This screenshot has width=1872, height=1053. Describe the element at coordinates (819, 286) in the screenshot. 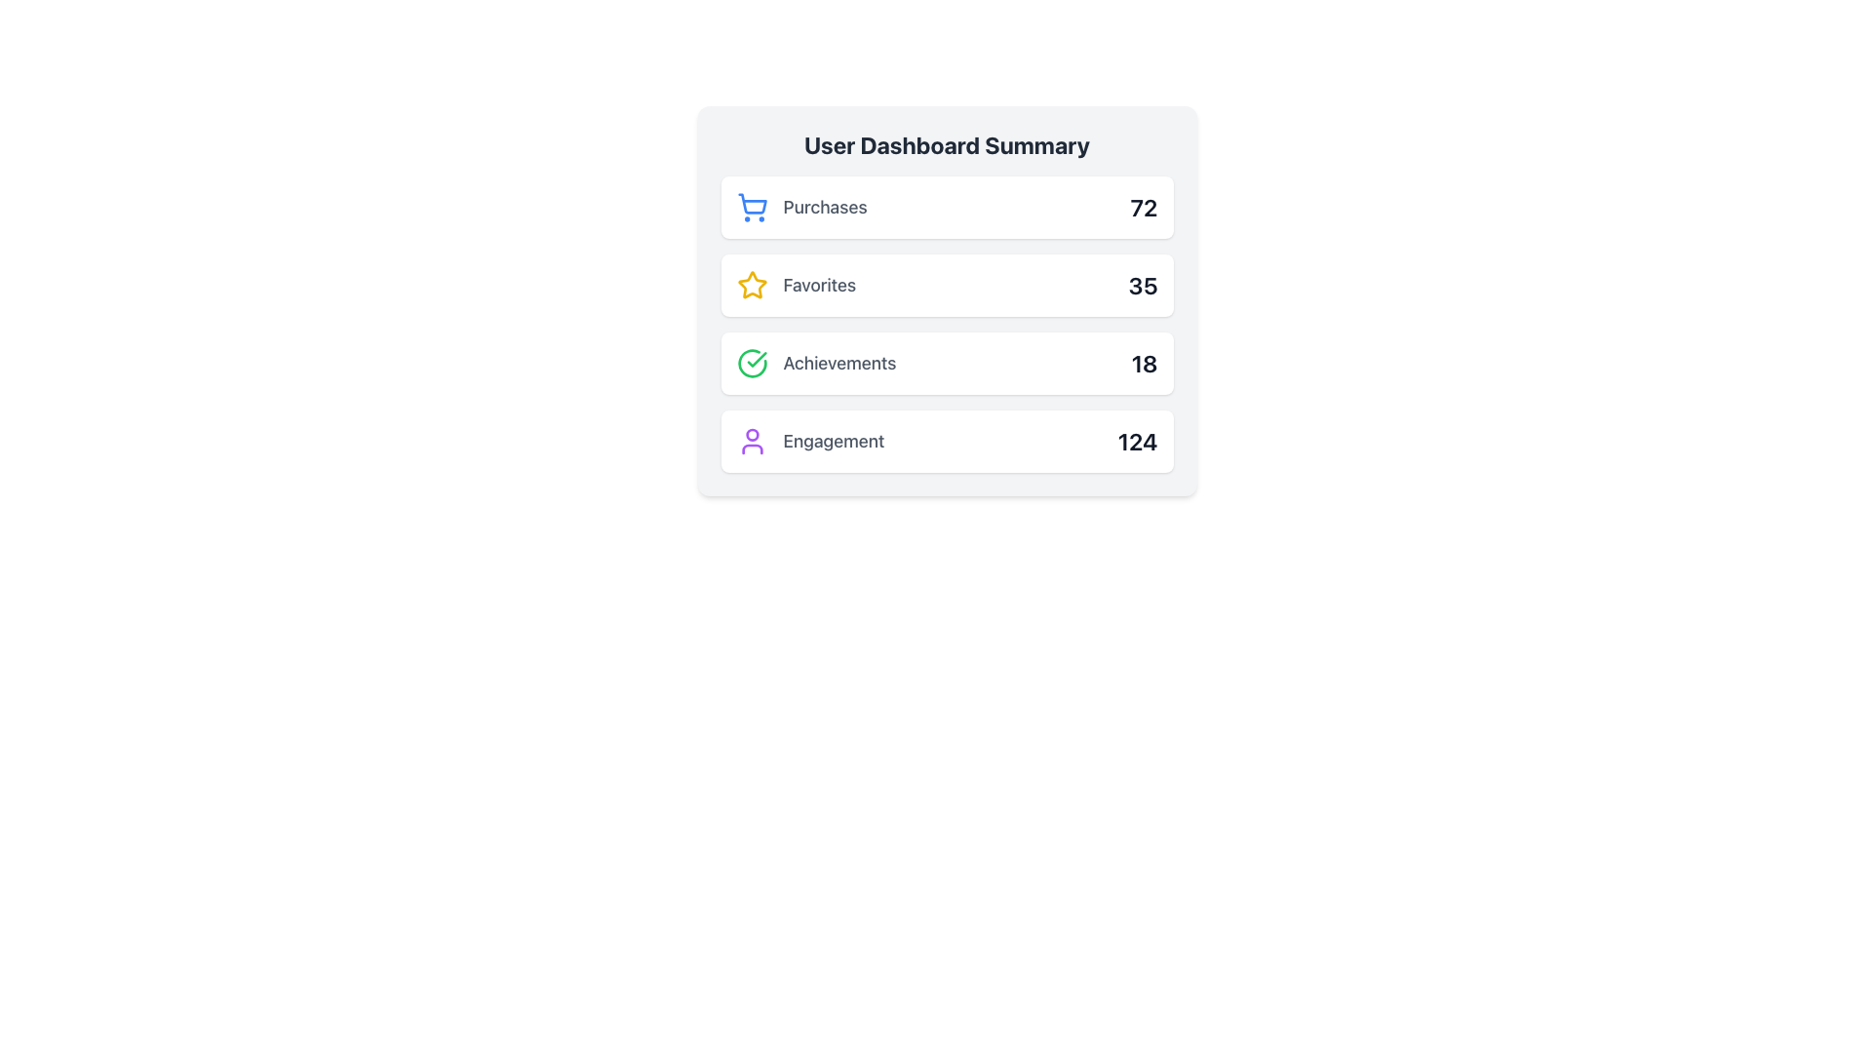

I see `the 'Favorites' text label located in the second row of the User Dashboard Summary section, which describes the associated data or metric shown to its right` at that location.